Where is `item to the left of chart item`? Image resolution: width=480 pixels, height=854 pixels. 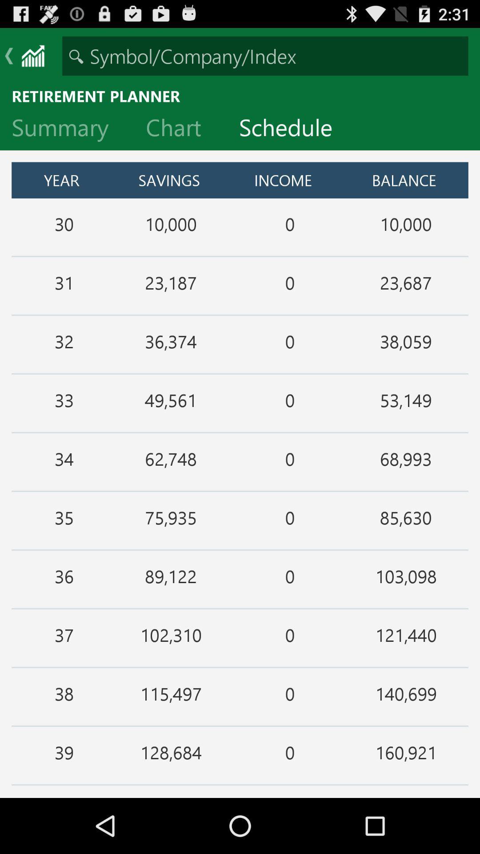 item to the left of chart item is located at coordinates (67, 129).